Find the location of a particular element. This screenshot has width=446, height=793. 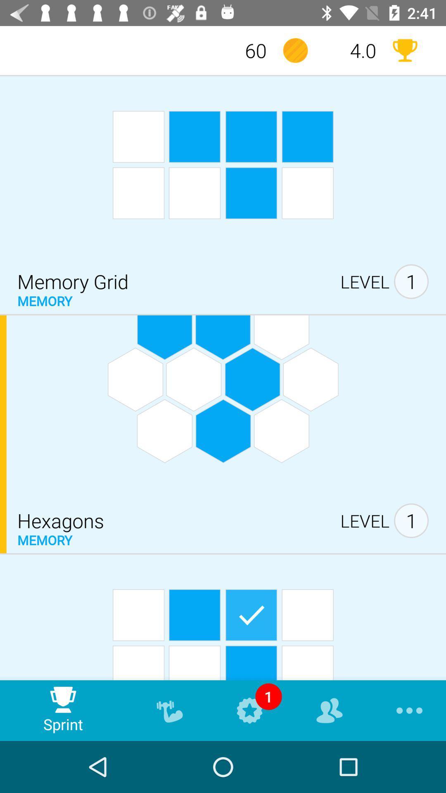

the item next to the 60 is located at coordinates (295, 50).